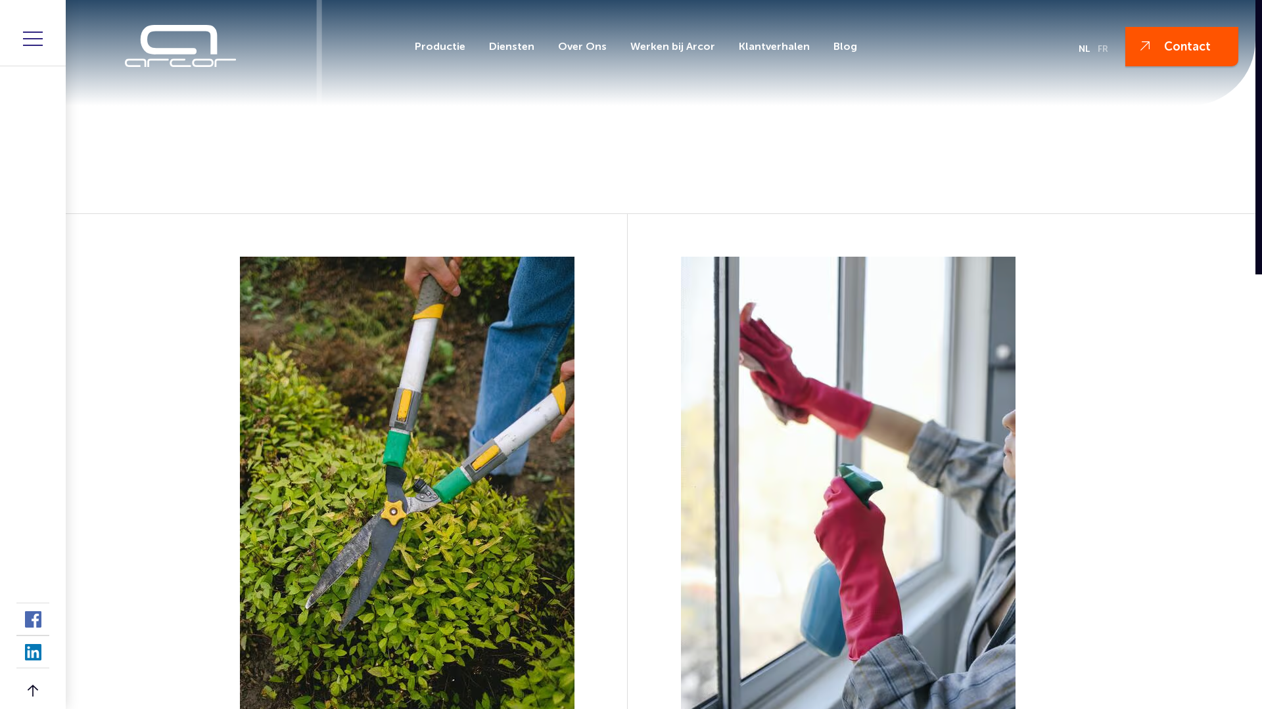  What do you see at coordinates (1103, 48) in the screenshot?
I see `'FR'` at bounding box center [1103, 48].